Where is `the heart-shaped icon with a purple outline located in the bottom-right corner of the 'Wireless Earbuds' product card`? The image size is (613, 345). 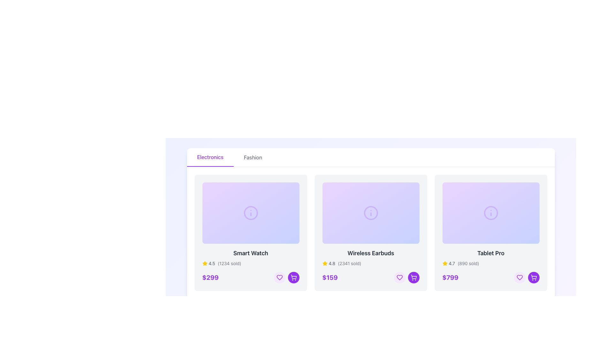
the heart-shaped icon with a purple outline located in the bottom-right corner of the 'Wireless Earbuds' product card is located at coordinates (399, 277).